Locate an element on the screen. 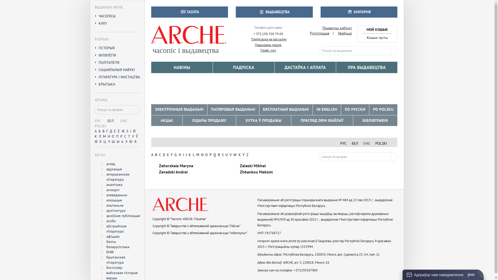  'H' is located at coordinates (180, 155).